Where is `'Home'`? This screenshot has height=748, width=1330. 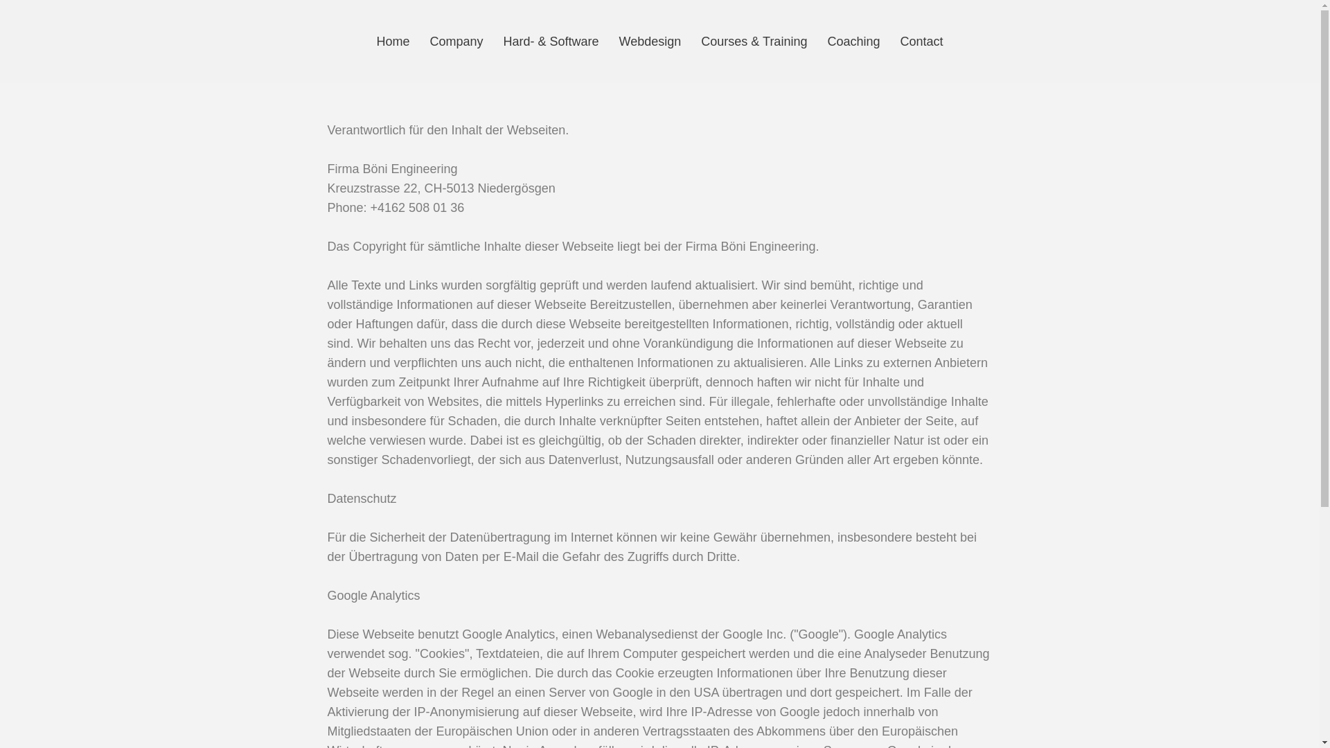
'Home' is located at coordinates (391, 41).